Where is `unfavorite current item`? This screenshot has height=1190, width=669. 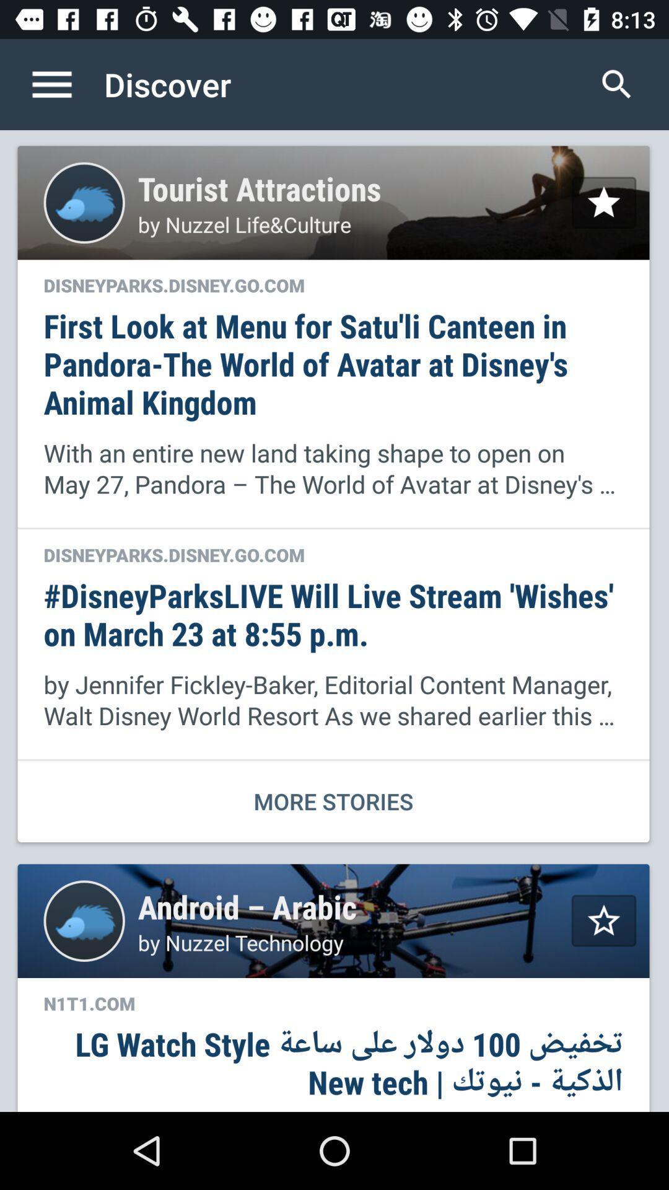
unfavorite current item is located at coordinates (603, 202).